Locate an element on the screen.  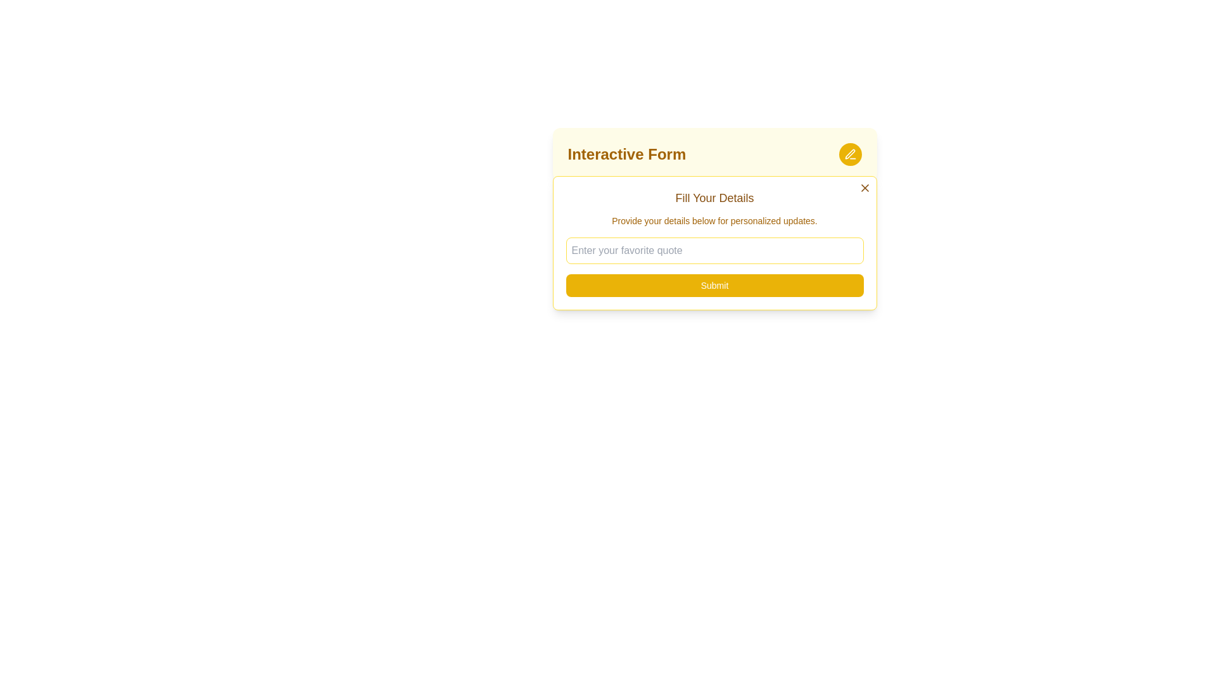
the diagonal cross icon located in the top-right corner of the interactive form is located at coordinates (864, 188).